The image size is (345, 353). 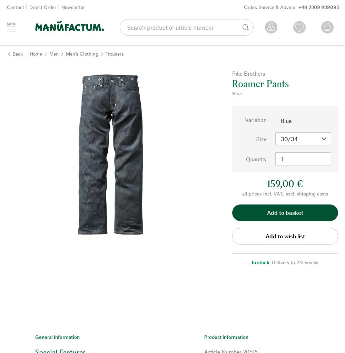 I want to click on 'Newsletter', so click(x=61, y=7).